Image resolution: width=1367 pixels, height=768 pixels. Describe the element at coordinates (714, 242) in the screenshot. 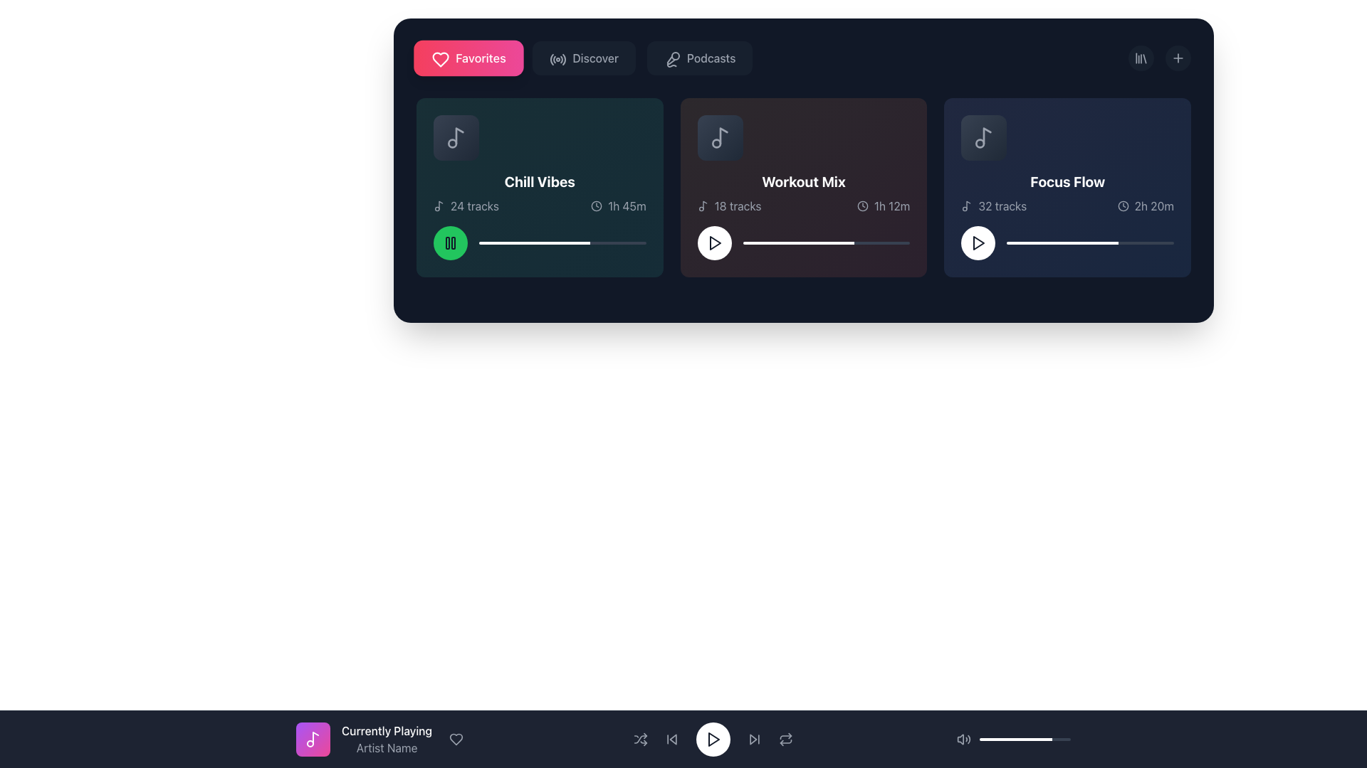

I see `the 'Play' button located at the center of the 'Workout Mix' card` at that location.